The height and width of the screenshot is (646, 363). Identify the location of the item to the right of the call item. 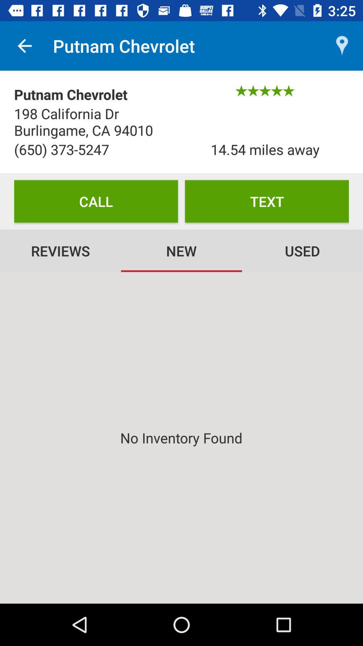
(267, 201).